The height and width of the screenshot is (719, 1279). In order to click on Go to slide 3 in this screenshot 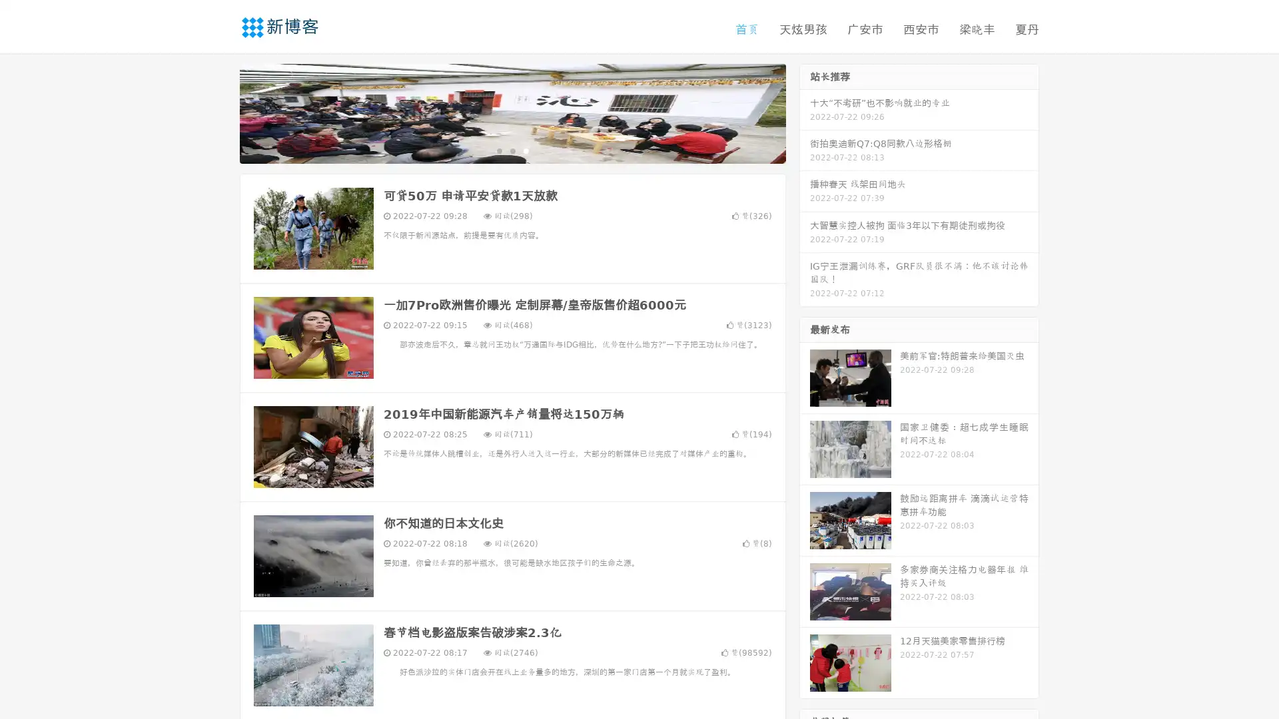, I will do `click(526, 150)`.